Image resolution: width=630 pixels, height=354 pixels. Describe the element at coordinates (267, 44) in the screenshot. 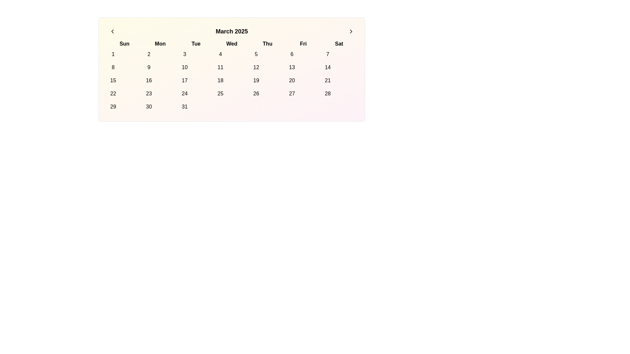

I see `the content of the text label displaying 'Thu', which is the abbreviation for Thursday, located in the top row of the calendar layout between 'Wed' and 'Fri'` at that location.